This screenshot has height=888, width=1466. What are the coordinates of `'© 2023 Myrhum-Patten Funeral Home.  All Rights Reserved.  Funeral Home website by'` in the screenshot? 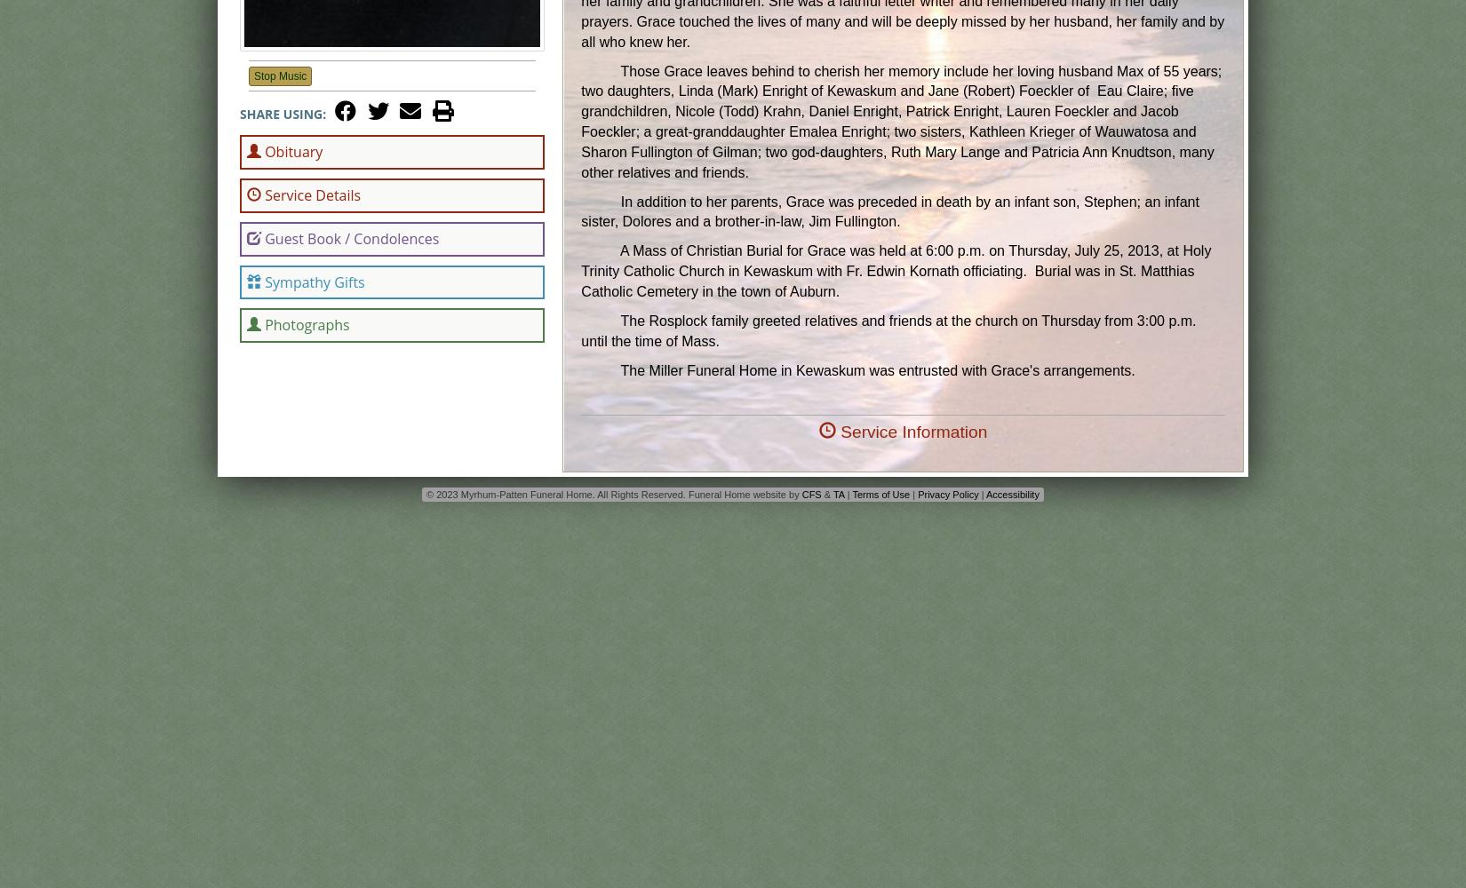 It's located at (425, 494).